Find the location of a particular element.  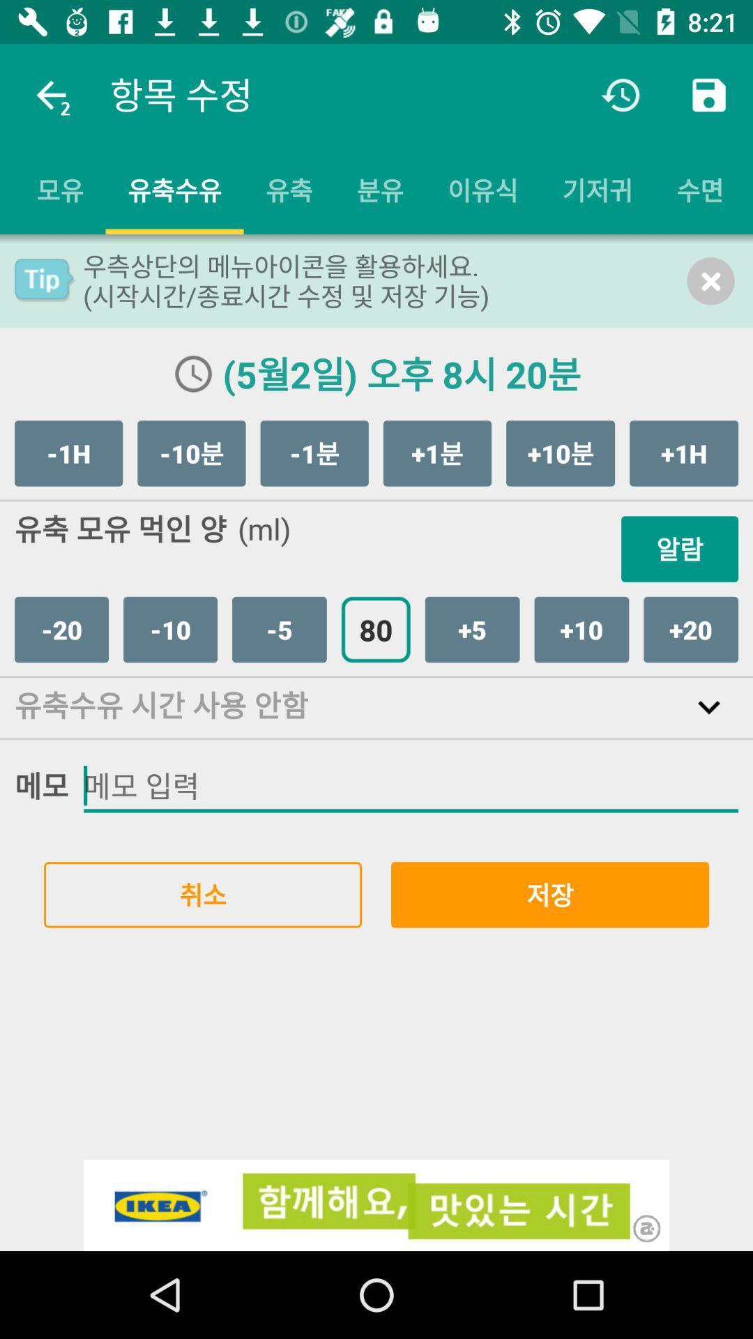

the item above the +1h is located at coordinates (710, 280).